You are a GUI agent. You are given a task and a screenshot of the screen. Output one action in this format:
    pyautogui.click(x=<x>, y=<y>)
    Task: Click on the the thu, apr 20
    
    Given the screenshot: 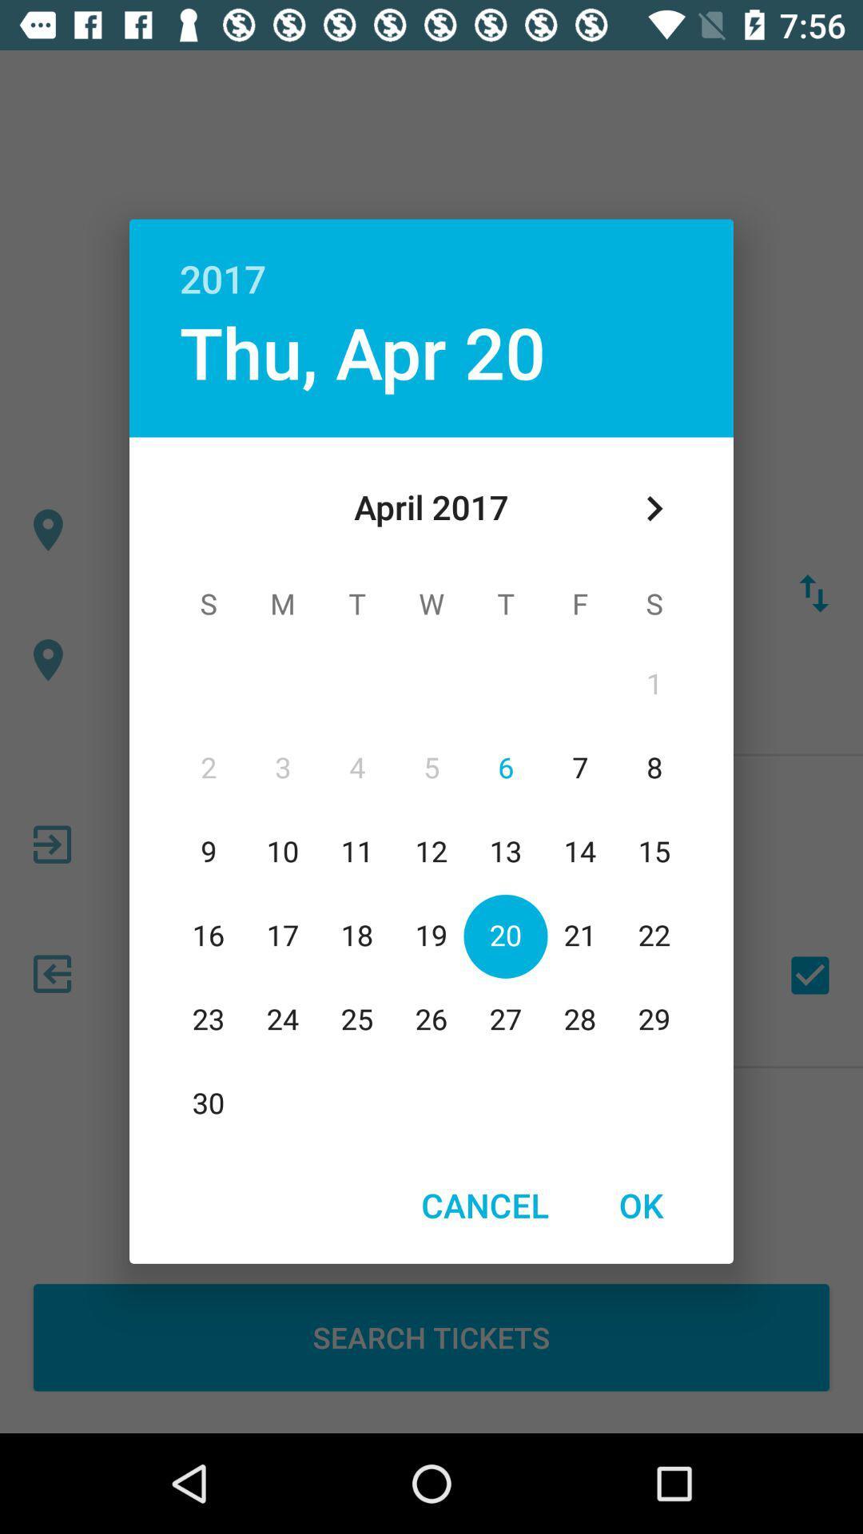 What is the action you would take?
    pyautogui.click(x=363, y=351)
    